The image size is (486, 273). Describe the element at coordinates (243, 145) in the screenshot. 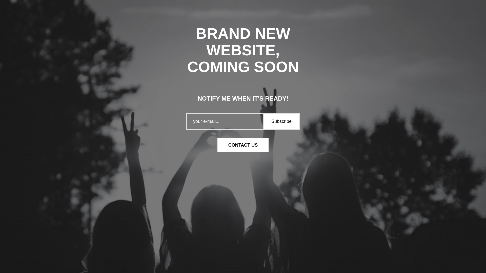

I see `'CONTACT US'` at that location.